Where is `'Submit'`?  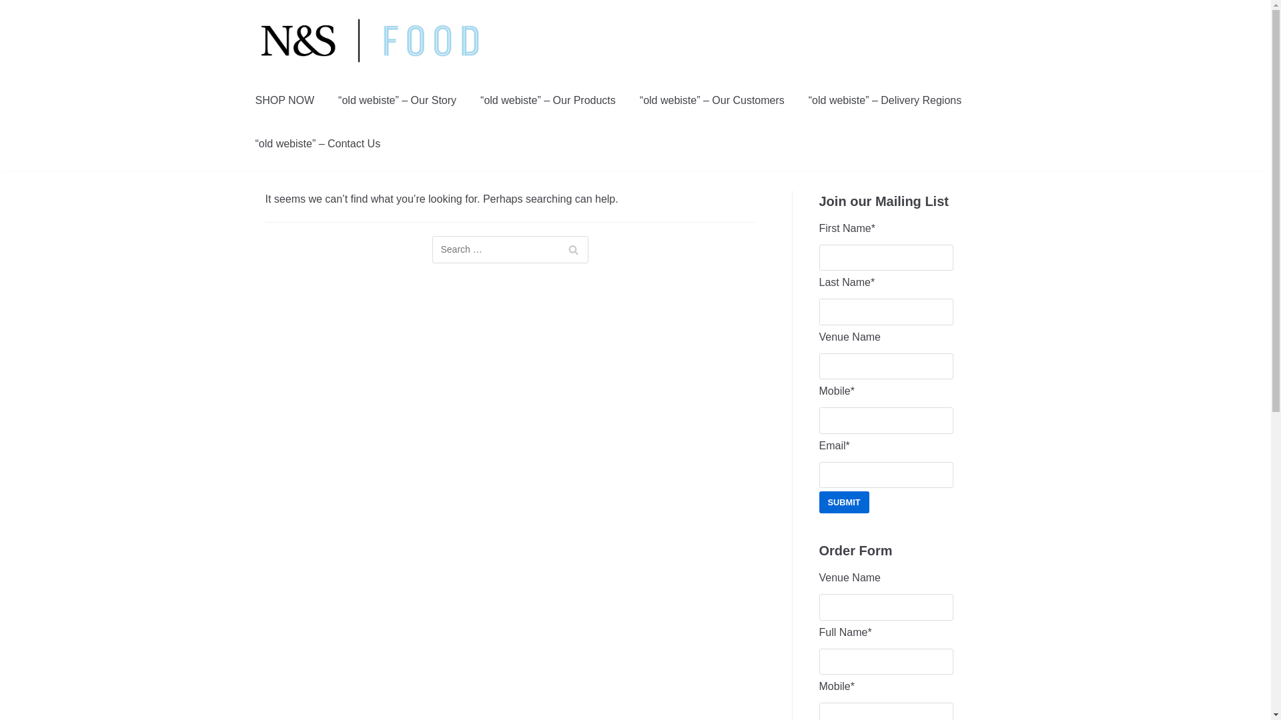
'Submit' is located at coordinates (819, 502).